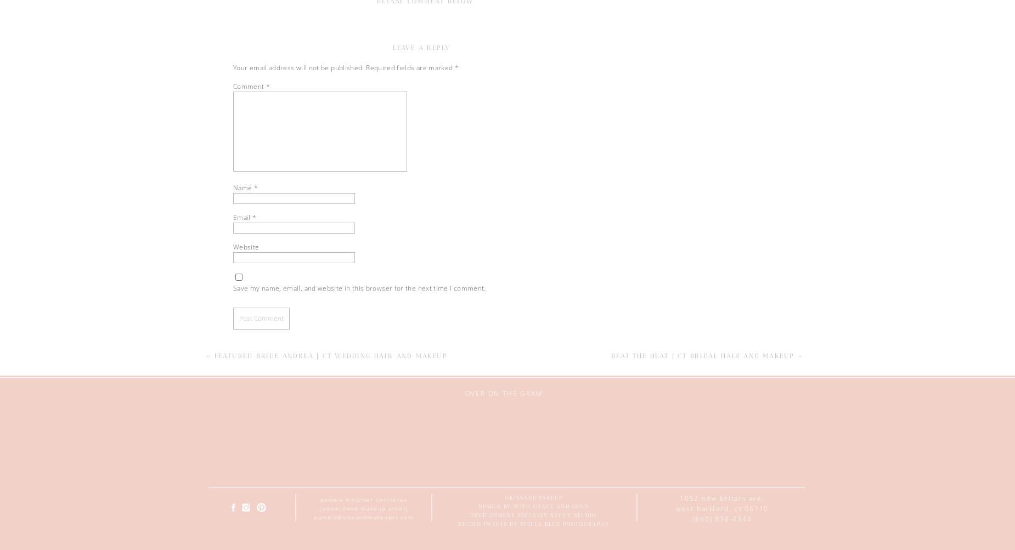 The width and height of the screenshot is (1015, 550). I want to click on 'Website', so click(232, 247).